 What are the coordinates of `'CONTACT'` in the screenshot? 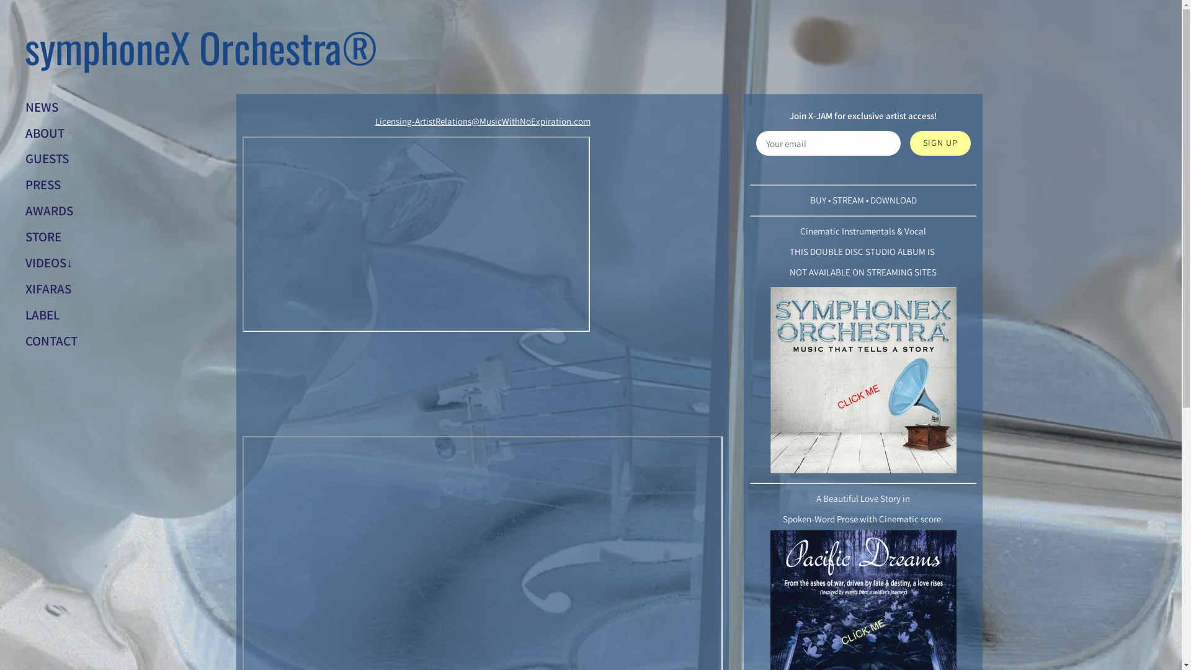 It's located at (50, 341).